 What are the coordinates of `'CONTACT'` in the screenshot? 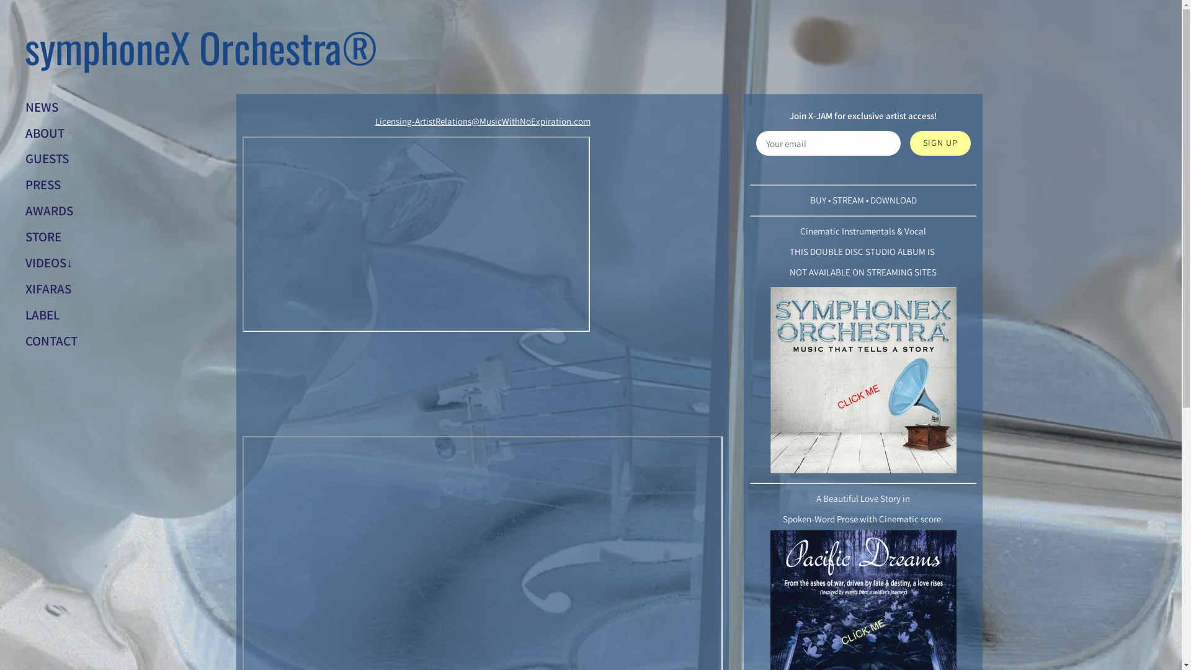 It's located at (50, 341).